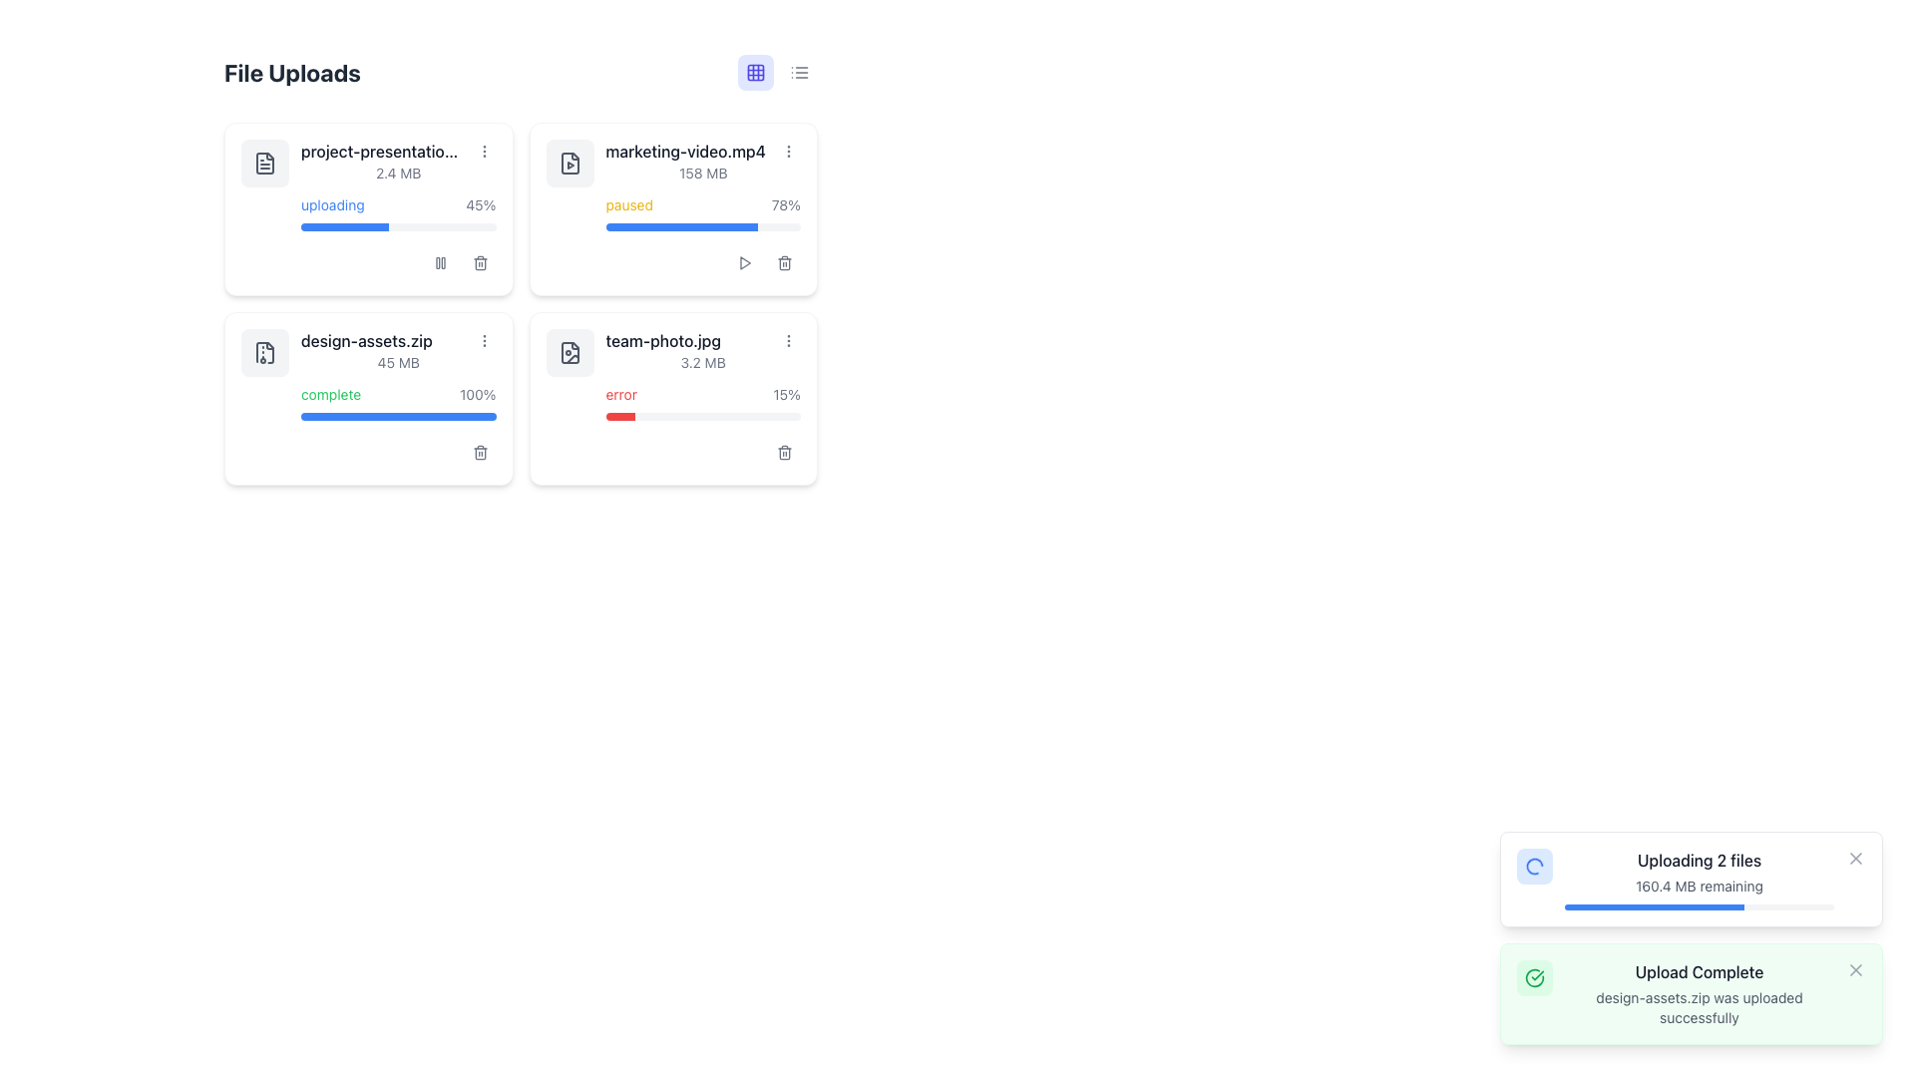 The width and height of the screenshot is (1915, 1077). I want to click on the horizontal list icon button with three stacked lines located in the top-right section of the interface, so click(799, 72).